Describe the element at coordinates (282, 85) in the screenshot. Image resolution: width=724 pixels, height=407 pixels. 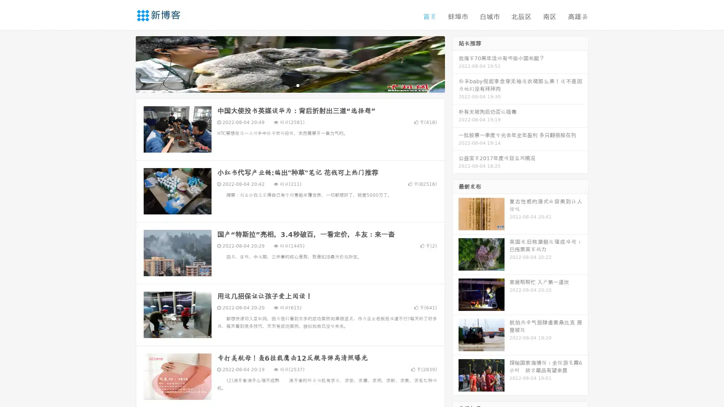
I see `Go to slide 1` at that location.